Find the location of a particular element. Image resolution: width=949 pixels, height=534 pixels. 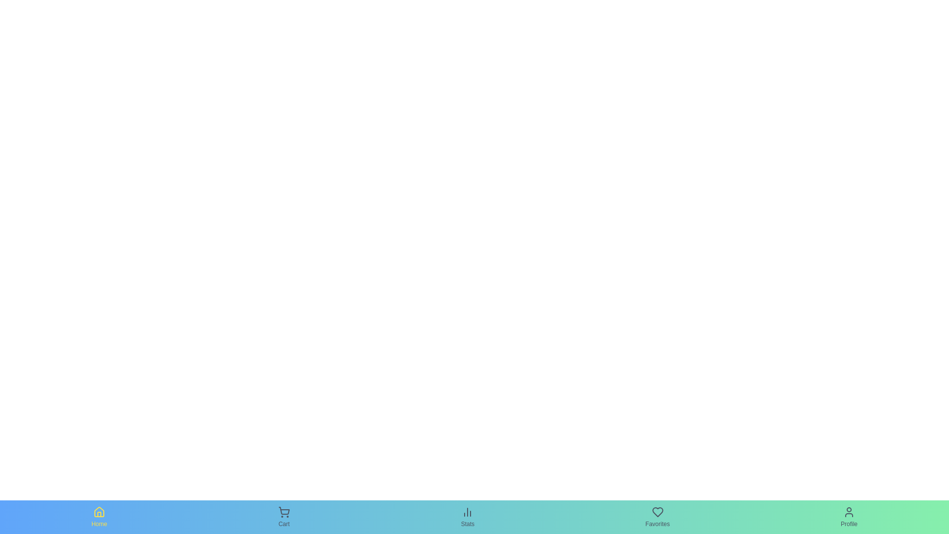

the Profile tab in the bottom navigation bar is located at coordinates (849, 516).